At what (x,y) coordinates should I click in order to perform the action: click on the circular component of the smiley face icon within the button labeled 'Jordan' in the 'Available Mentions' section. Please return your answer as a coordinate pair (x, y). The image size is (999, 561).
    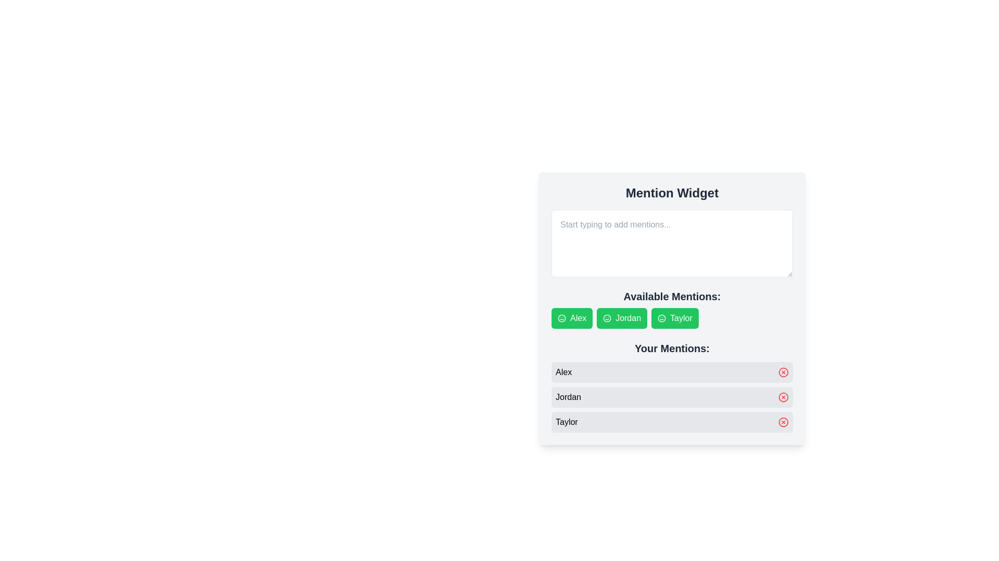
    Looking at the image, I should click on (607, 318).